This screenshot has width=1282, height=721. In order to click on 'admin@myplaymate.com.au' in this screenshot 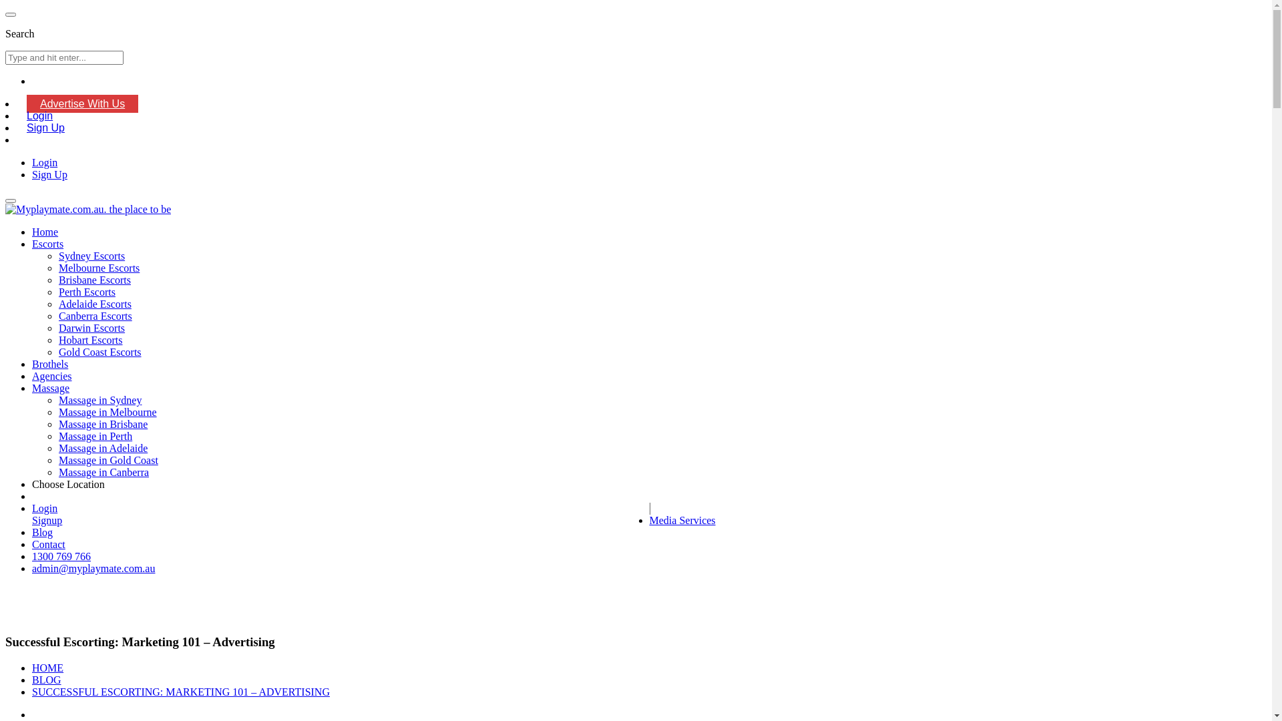, I will do `click(92, 568)`.